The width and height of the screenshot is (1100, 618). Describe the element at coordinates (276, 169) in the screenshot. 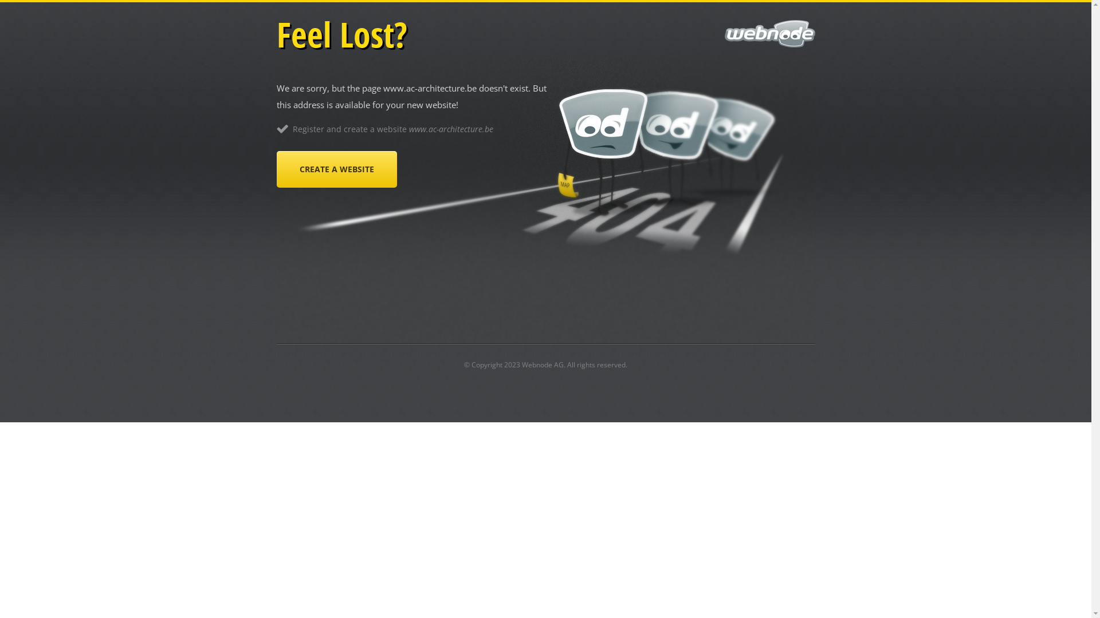

I see `'CREATE A WEBSITE'` at that location.